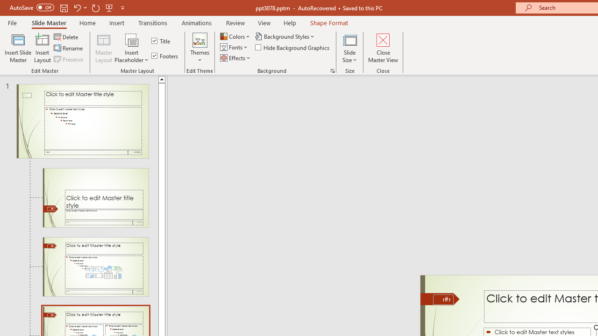  What do you see at coordinates (104, 48) in the screenshot?
I see `'Master Layout...'` at bounding box center [104, 48].